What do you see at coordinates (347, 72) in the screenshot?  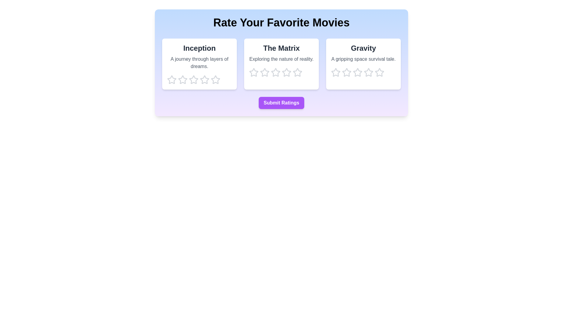 I see `the star corresponding to 2 for the movie Gravity` at bounding box center [347, 72].